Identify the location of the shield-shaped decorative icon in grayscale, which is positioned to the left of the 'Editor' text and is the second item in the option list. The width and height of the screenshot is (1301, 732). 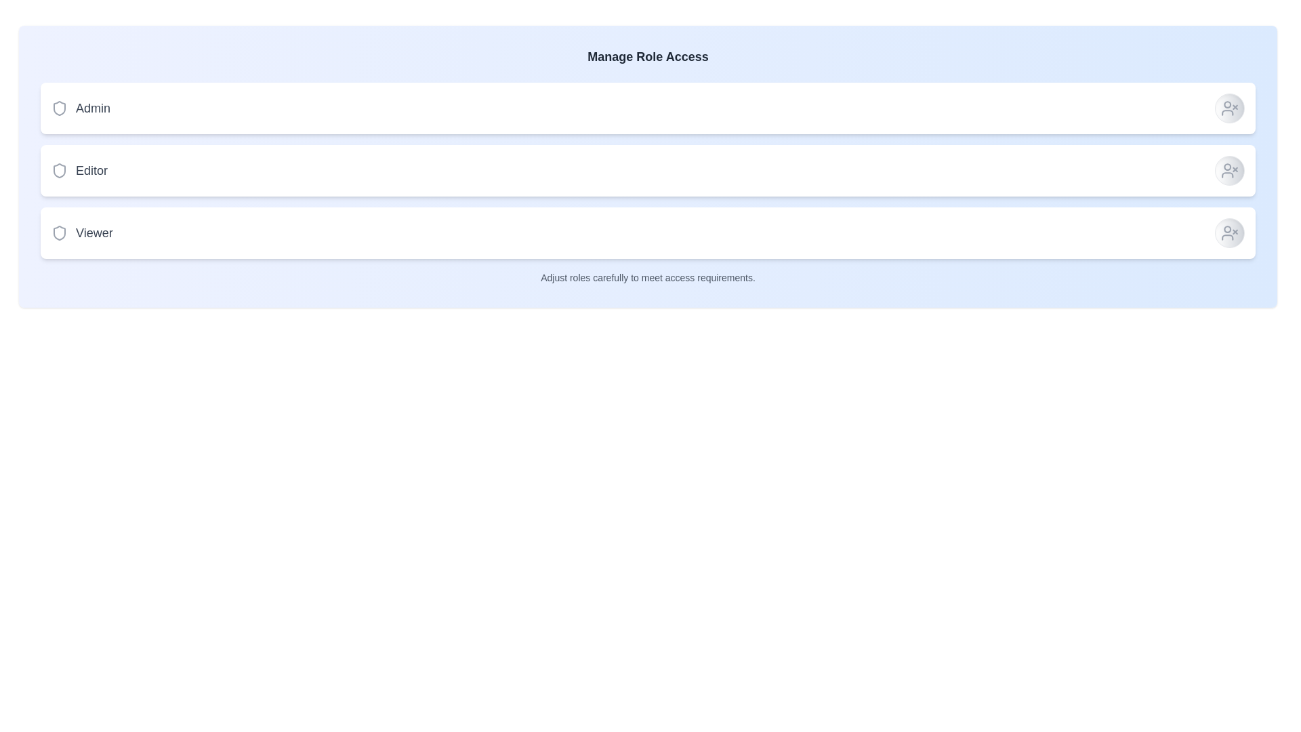
(58, 169).